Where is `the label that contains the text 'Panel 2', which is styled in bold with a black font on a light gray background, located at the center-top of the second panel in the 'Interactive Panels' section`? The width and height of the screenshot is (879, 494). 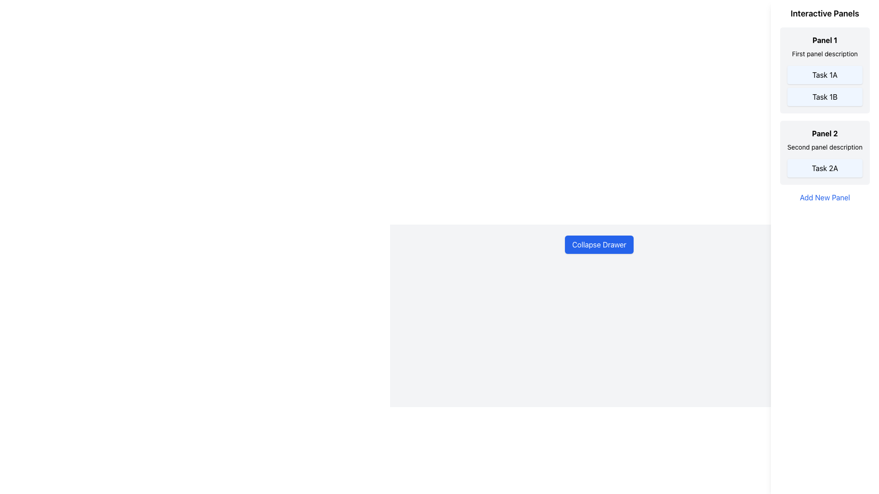 the label that contains the text 'Panel 2', which is styled in bold with a black font on a light gray background, located at the center-top of the second panel in the 'Interactive Panels' section is located at coordinates (825, 134).